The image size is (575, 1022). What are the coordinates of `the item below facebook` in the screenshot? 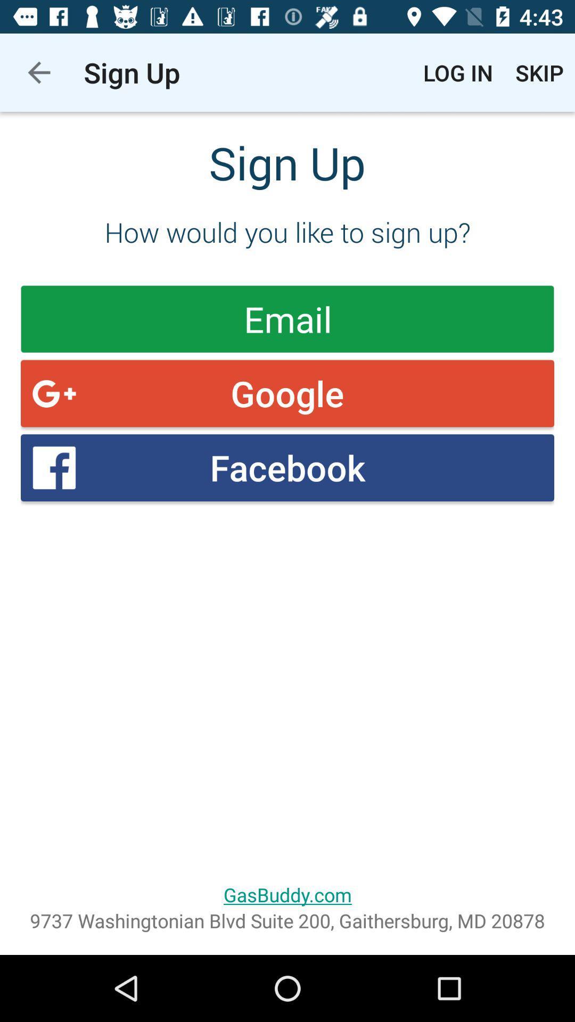 It's located at (287, 894).